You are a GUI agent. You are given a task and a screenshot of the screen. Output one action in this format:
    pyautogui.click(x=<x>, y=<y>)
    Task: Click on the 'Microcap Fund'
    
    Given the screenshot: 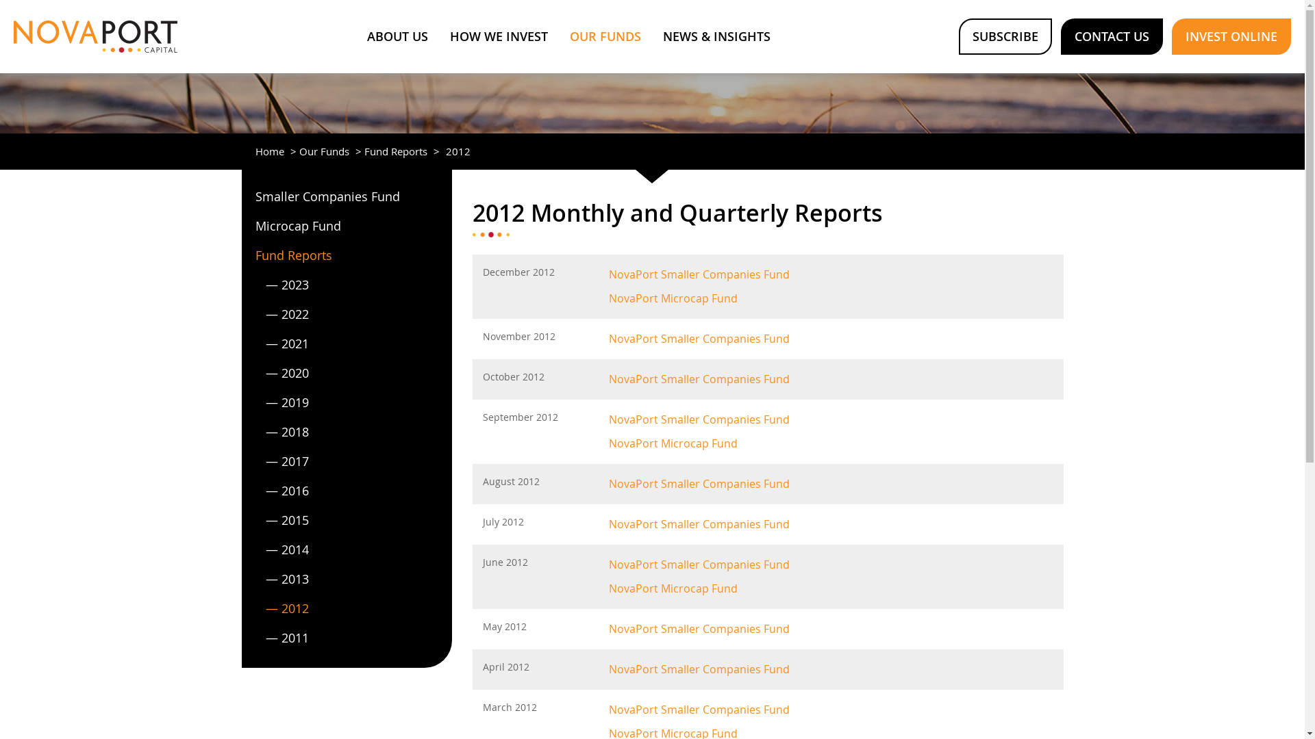 What is the action you would take?
    pyautogui.click(x=346, y=220)
    